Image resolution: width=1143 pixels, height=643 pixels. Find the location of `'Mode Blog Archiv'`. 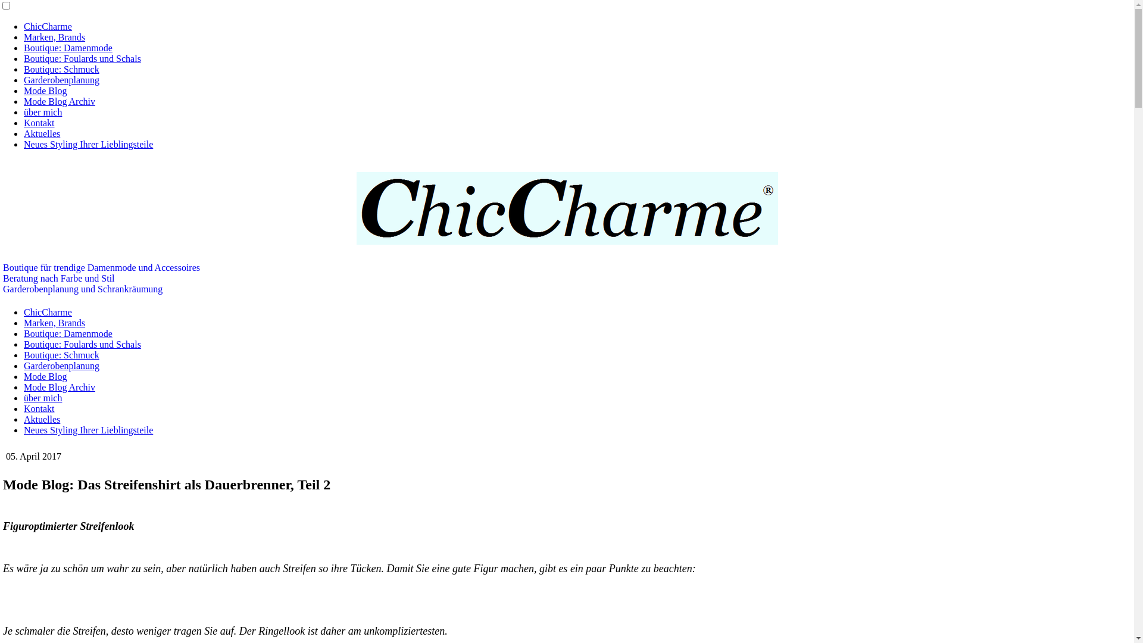

'Mode Blog Archiv' is located at coordinates (59, 101).